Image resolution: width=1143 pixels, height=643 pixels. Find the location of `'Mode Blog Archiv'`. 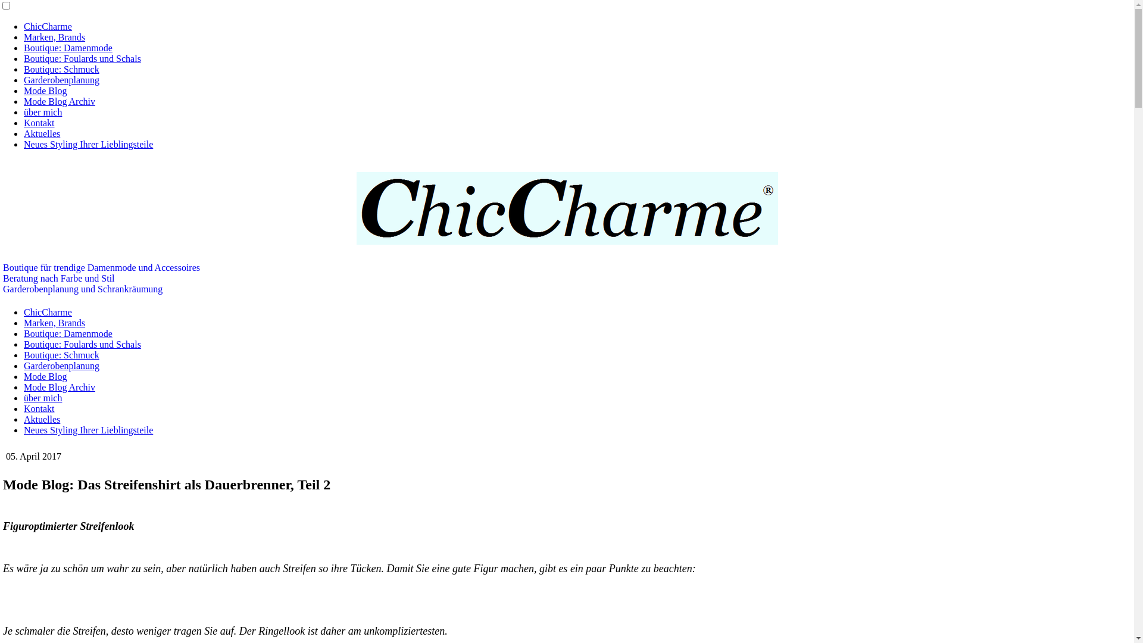

'Mode Blog Archiv' is located at coordinates (59, 101).